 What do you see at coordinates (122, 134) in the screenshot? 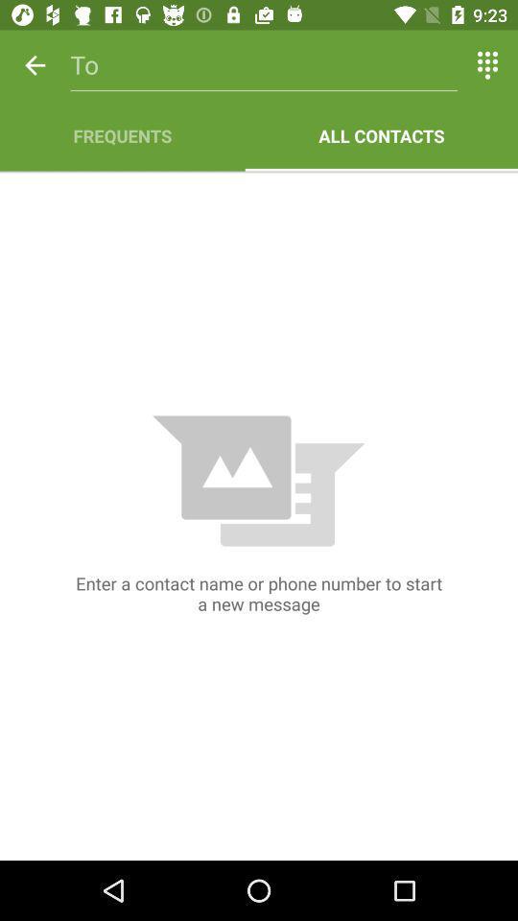
I see `the frequents` at bounding box center [122, 134].